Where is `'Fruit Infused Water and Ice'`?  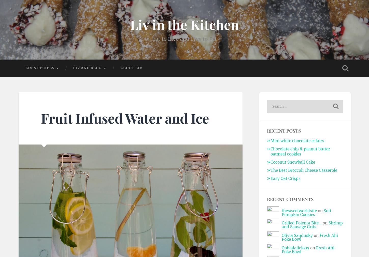
'Fruit Infused Water and Ice' is located at coordinates (125, 118).